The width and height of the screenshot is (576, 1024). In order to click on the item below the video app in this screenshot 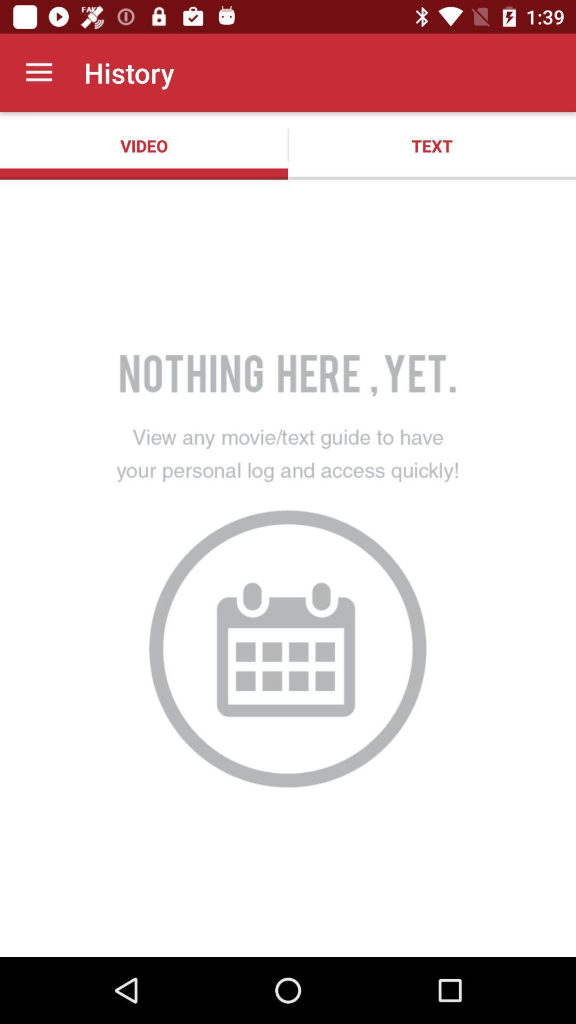, I will do `click(288, 567)`.